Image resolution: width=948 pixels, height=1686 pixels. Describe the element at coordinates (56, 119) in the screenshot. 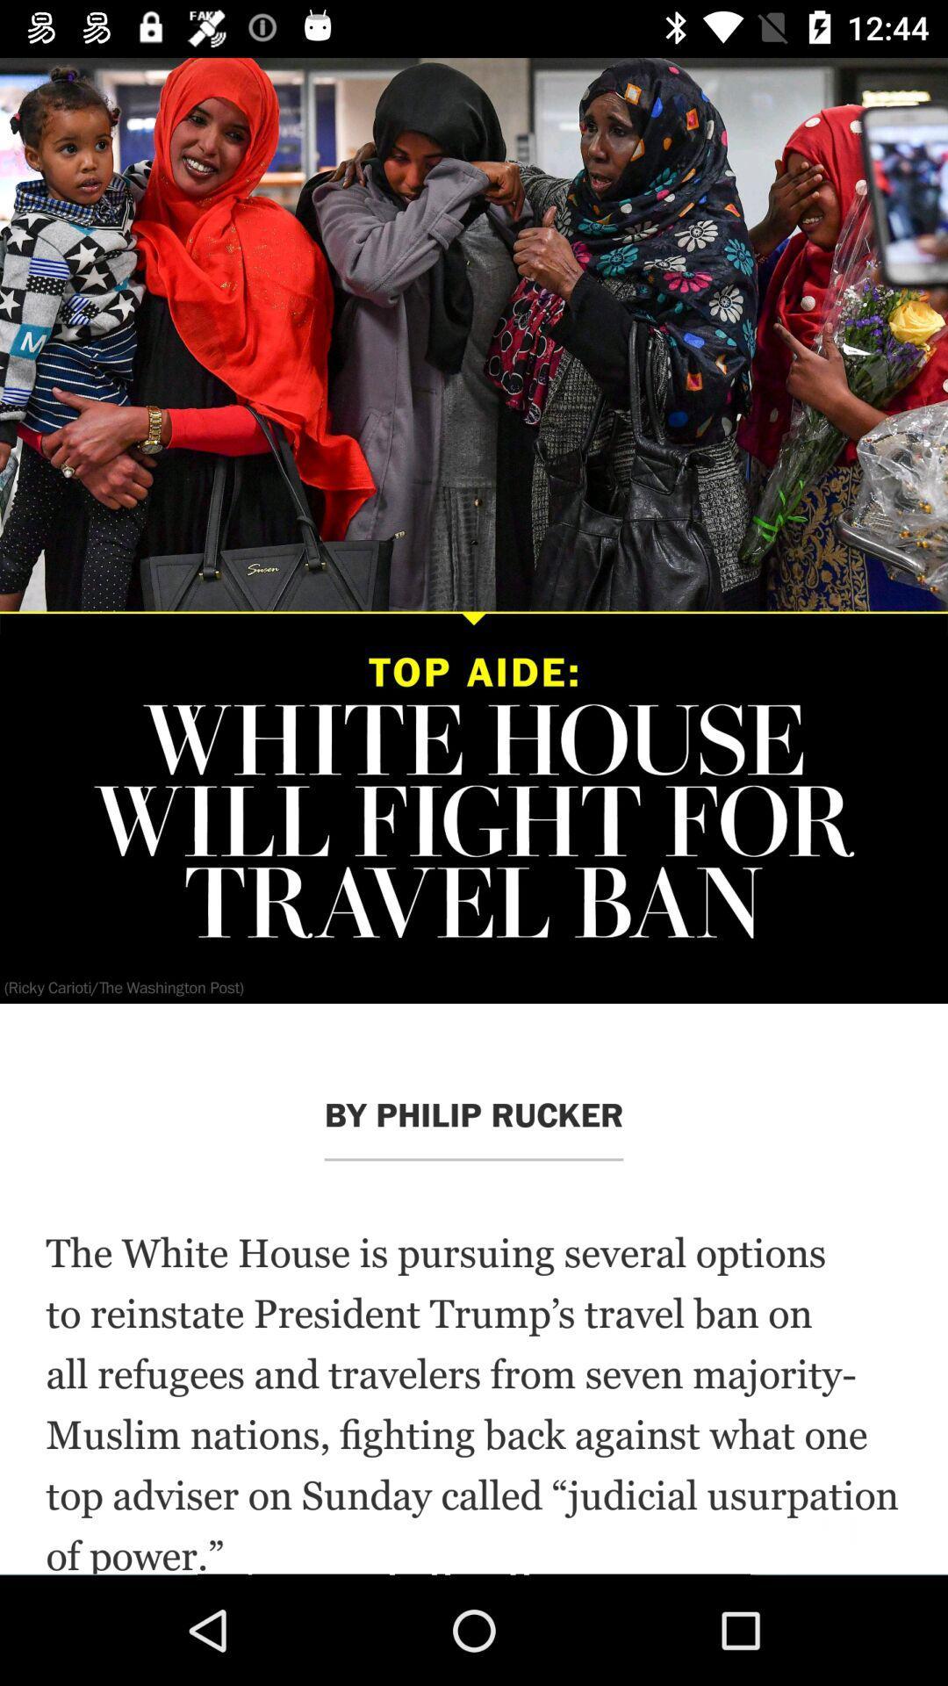

I see `the settings icon` at that location.